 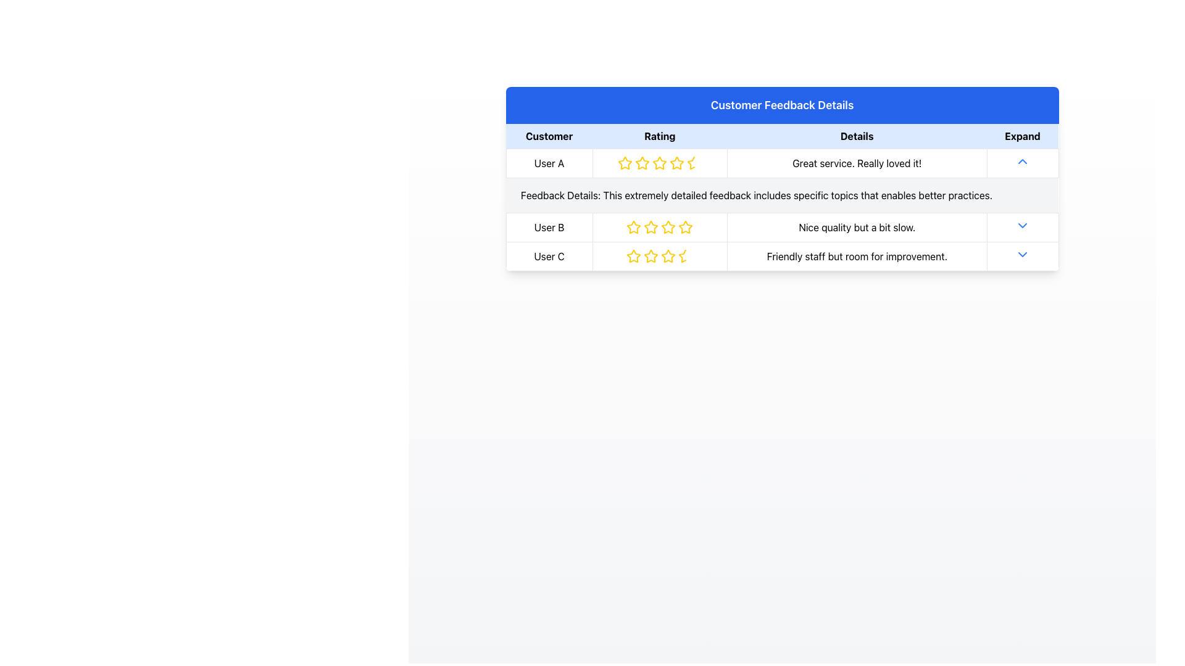 What do you see at coordinates (668, 255) in the screenshot?
I see `the fourth star-shaped rating icon in the 'Rating' column of the 'Customer Feedback Details' table for 'User C' to give a rating` at bounding box center [668, 255].